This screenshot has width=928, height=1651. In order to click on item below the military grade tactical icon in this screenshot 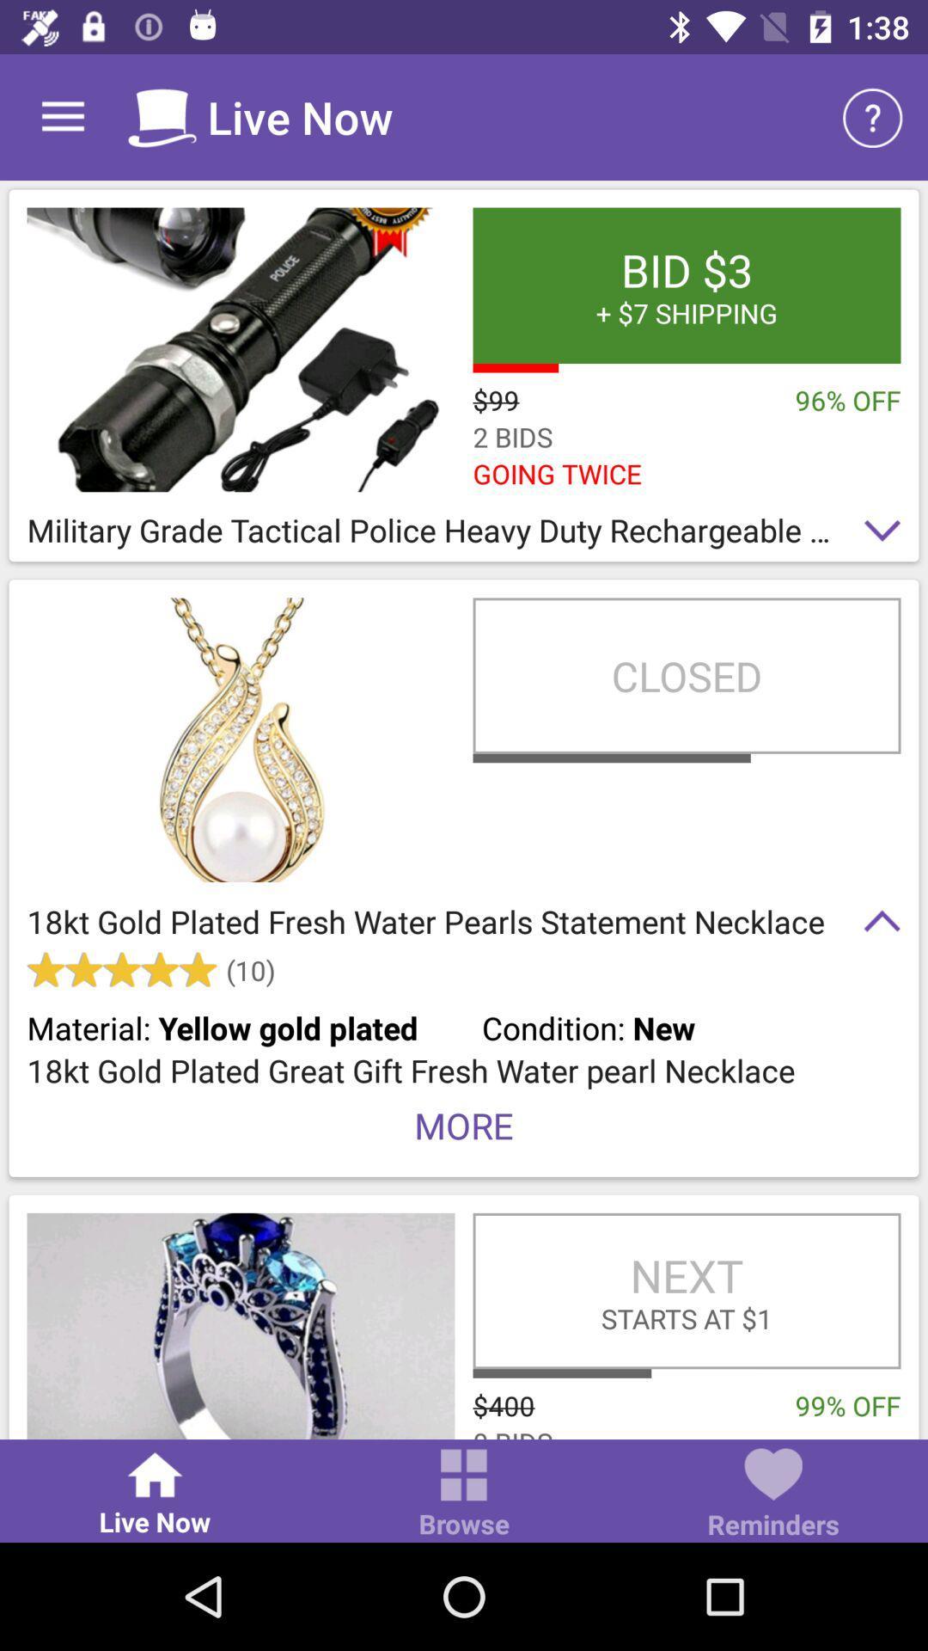, I will do `click(686, 675)`.